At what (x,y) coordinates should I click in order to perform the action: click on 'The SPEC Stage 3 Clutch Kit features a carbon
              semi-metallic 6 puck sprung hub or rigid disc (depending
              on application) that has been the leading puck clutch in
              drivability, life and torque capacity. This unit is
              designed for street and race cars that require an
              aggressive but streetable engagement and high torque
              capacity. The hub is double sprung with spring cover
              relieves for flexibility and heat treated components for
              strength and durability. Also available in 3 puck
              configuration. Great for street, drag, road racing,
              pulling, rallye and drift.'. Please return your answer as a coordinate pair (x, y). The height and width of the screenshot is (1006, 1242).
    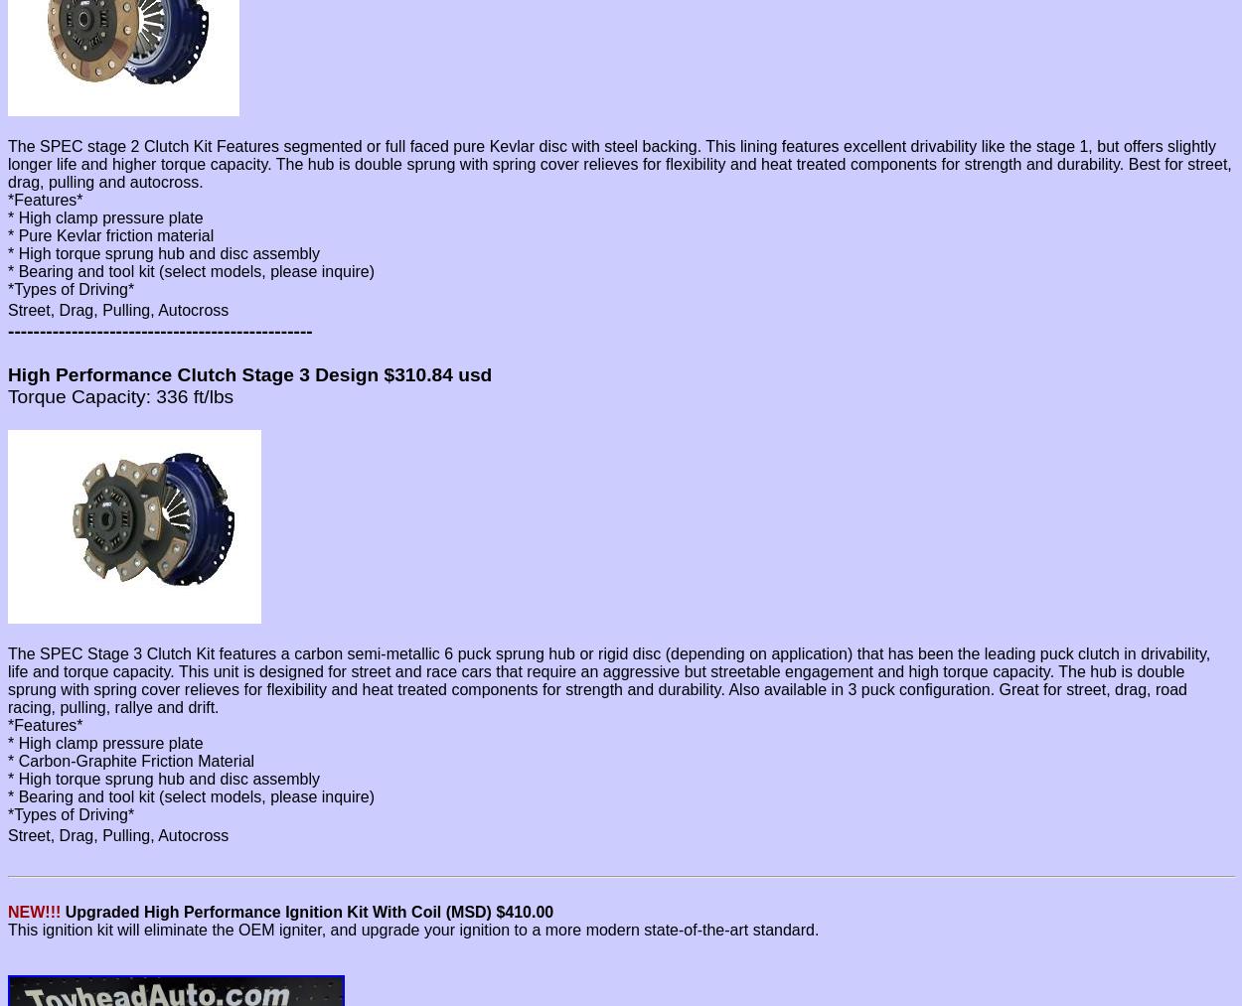
    Looking at the image, I should click on (608, 679).